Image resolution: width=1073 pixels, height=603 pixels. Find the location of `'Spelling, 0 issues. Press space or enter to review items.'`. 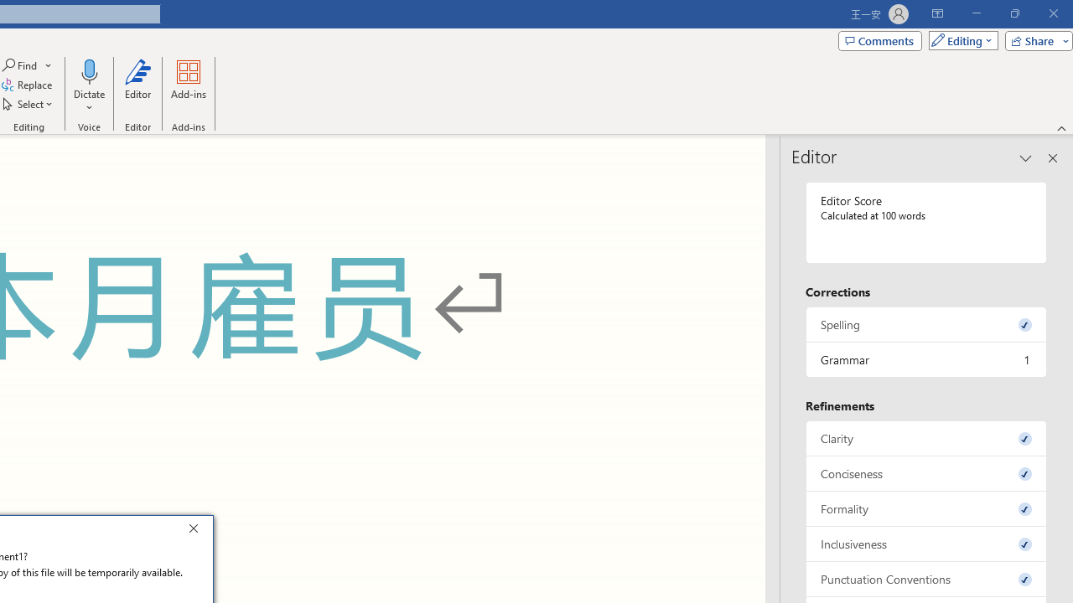

'Spelling, 0 issues. Press space or enter to review items.' is located at coordinates (925, 324).